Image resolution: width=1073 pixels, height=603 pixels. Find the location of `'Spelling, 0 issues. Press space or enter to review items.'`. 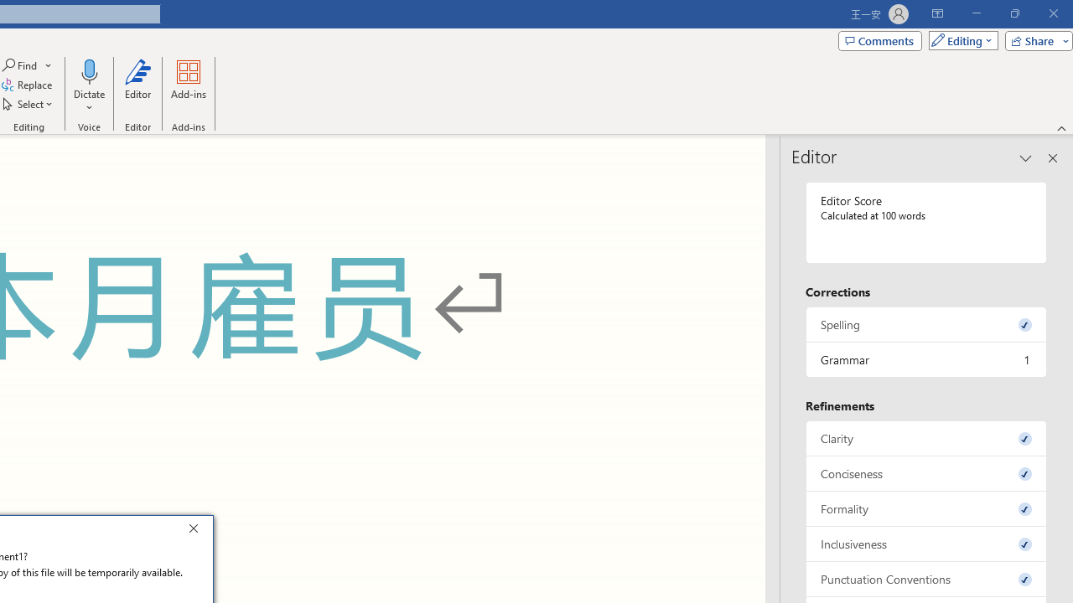

'Spelling, 0 issues. Press space or enter to review items.' is located at coordinates (925, 324).